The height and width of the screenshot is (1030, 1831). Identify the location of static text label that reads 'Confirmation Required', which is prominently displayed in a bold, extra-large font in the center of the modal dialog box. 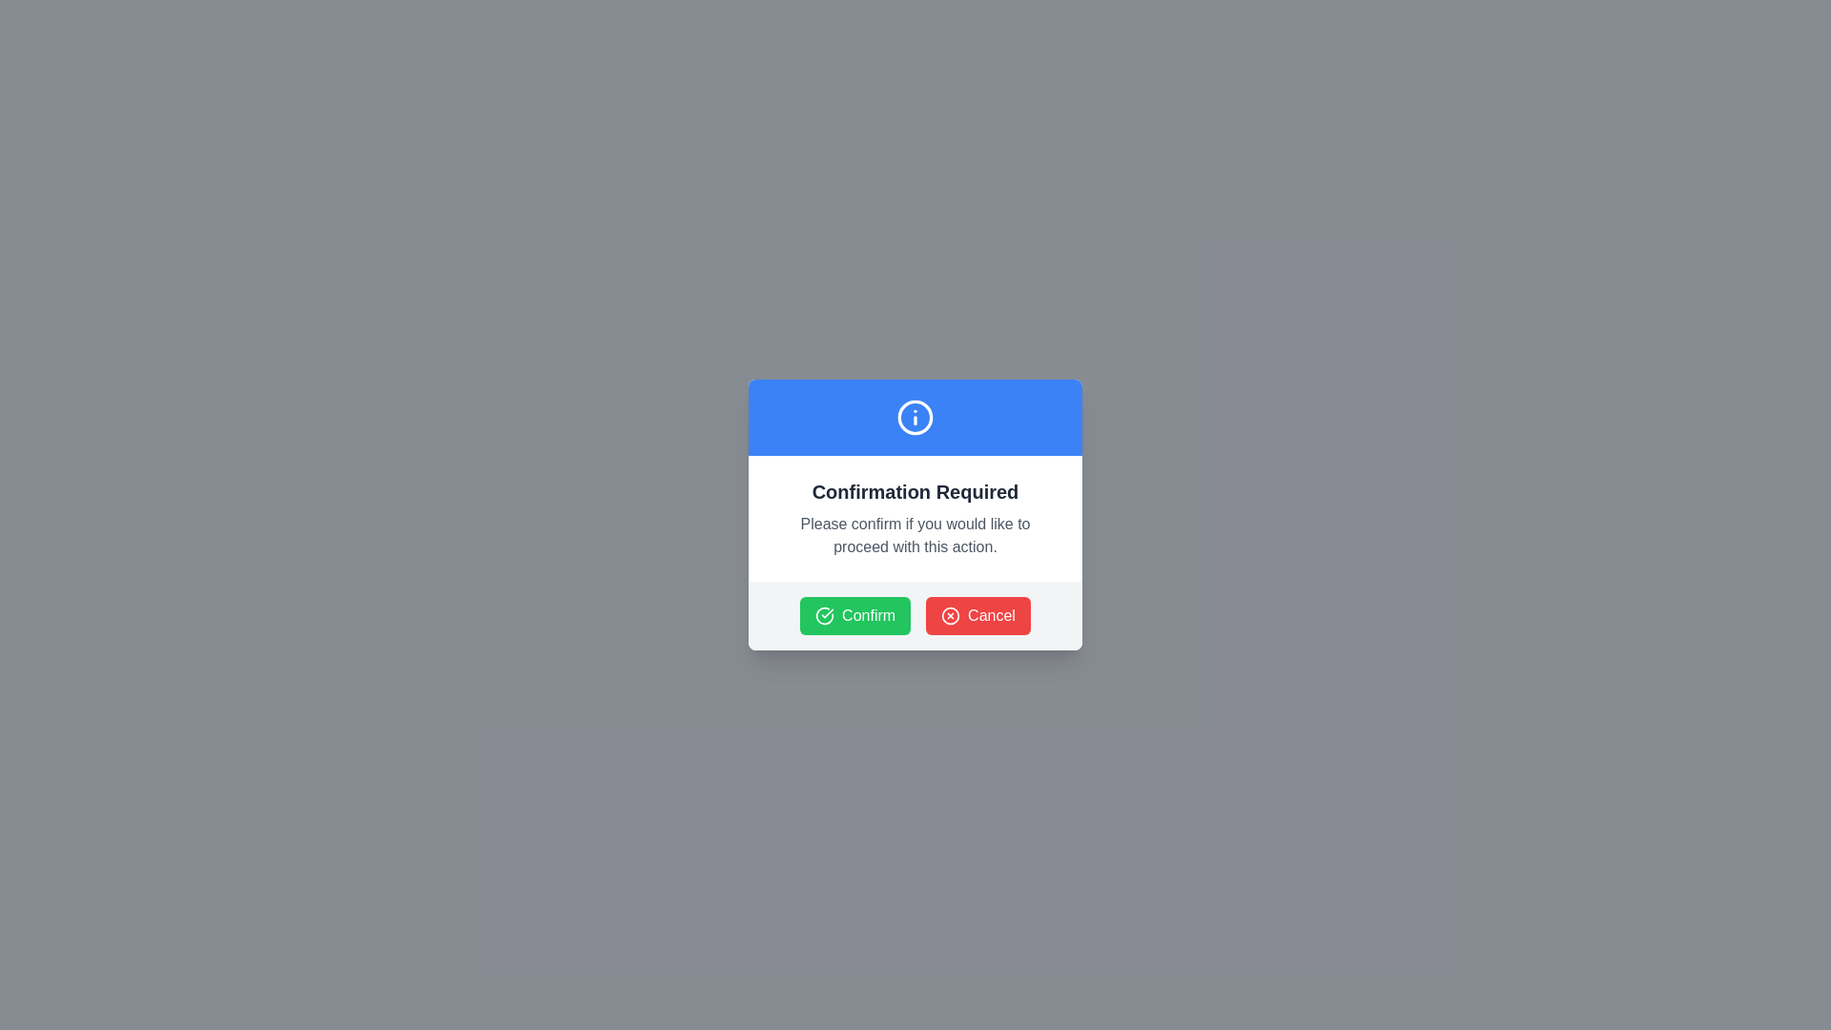
(915, 491).